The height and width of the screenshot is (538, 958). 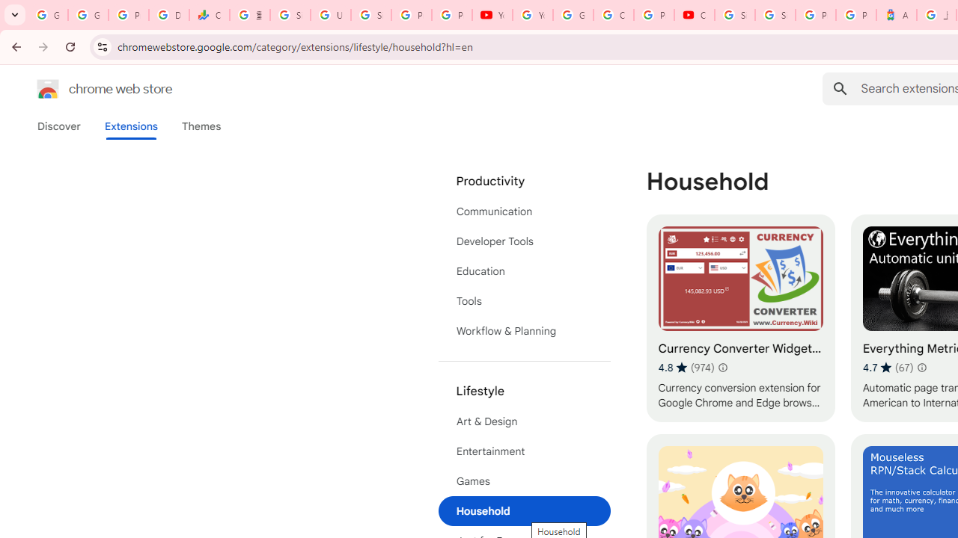 I want to click on 'Google Account Help', so click(x=573, y=15).